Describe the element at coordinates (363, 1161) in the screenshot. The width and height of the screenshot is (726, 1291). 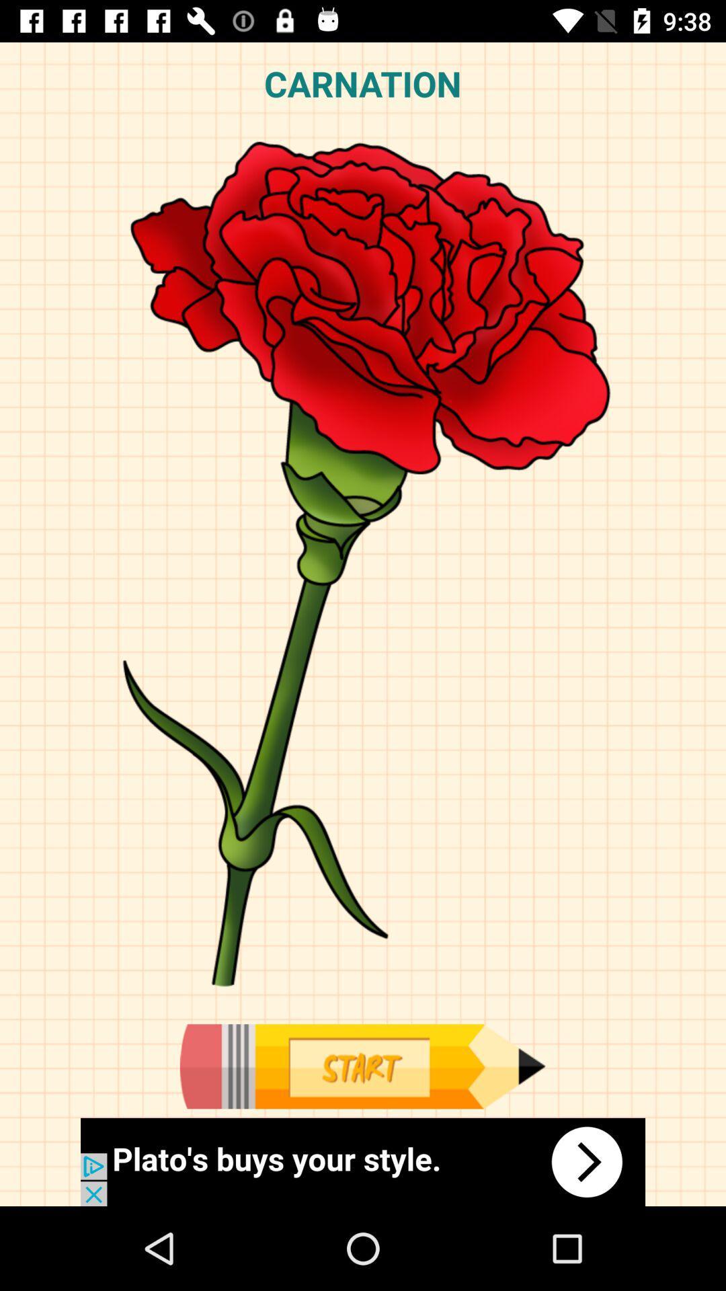
I see `open advertisement` at that location.